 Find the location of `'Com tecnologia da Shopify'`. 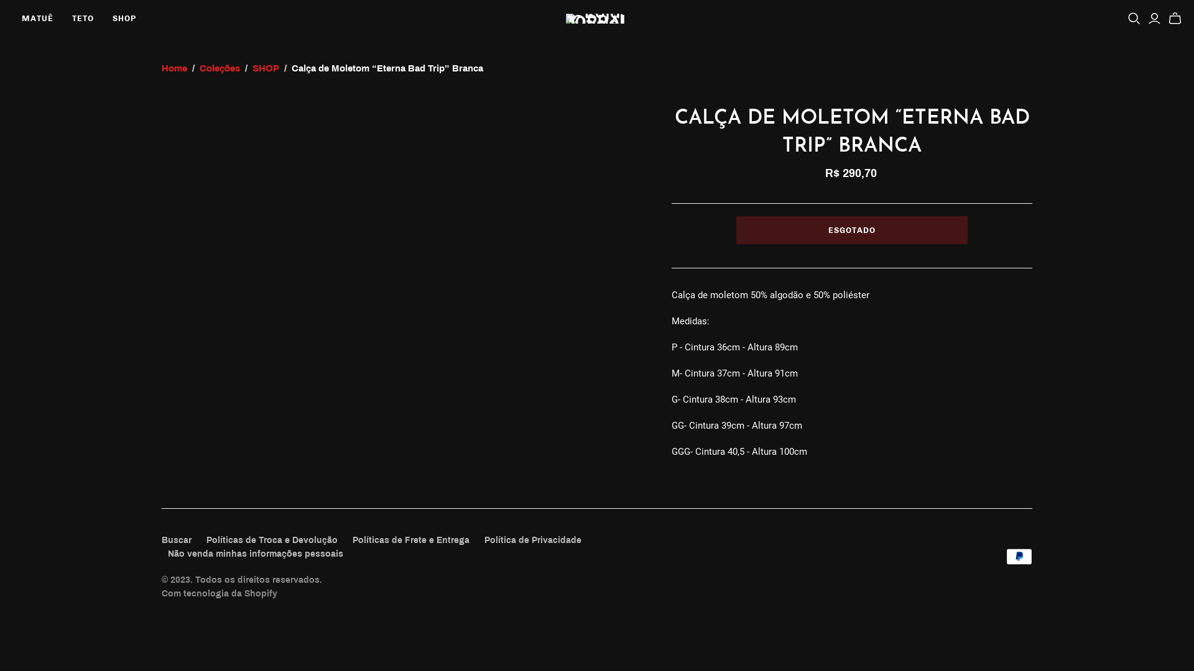

'Com tecnologia da Shopify' is located at coordinates (160, 593).